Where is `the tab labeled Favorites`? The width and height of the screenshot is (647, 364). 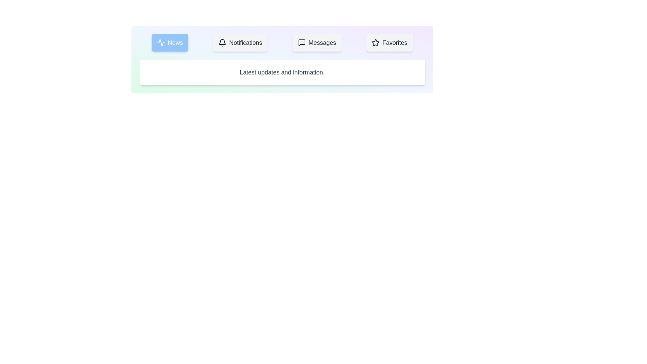
the tab labeled Favorites is located at coordinates (389, 43).